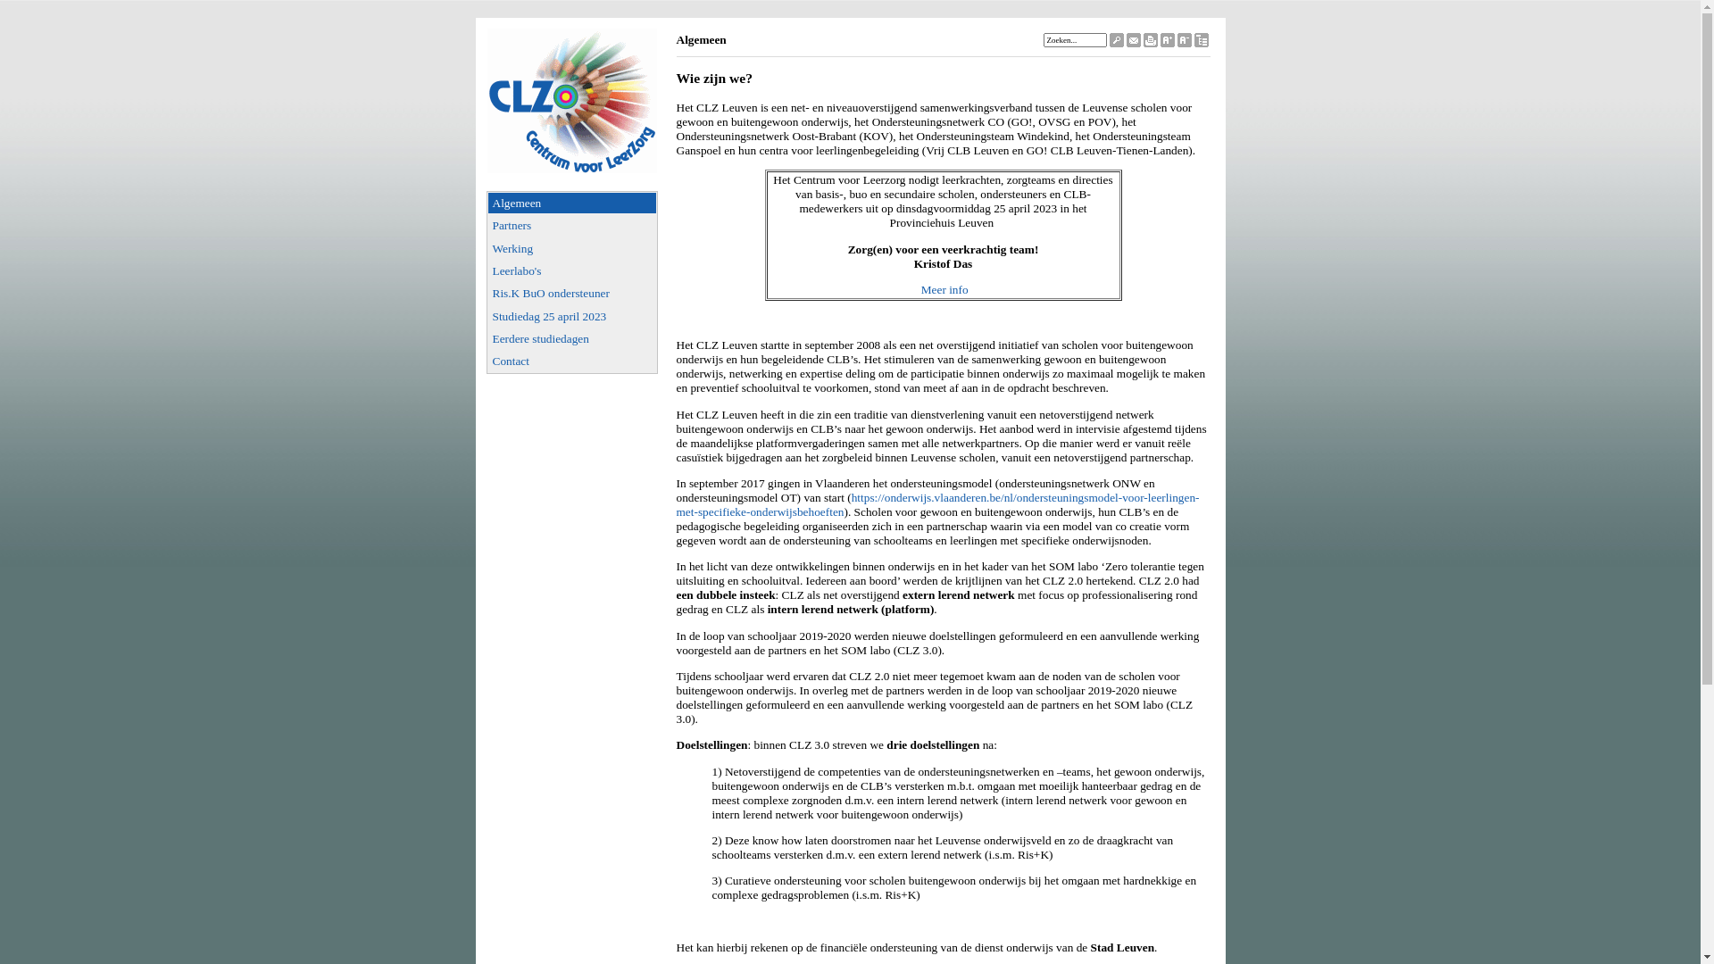  Describe the element at coordinates (1073, 40) in the screenshot. I see `'Zoeken...'` at that location.